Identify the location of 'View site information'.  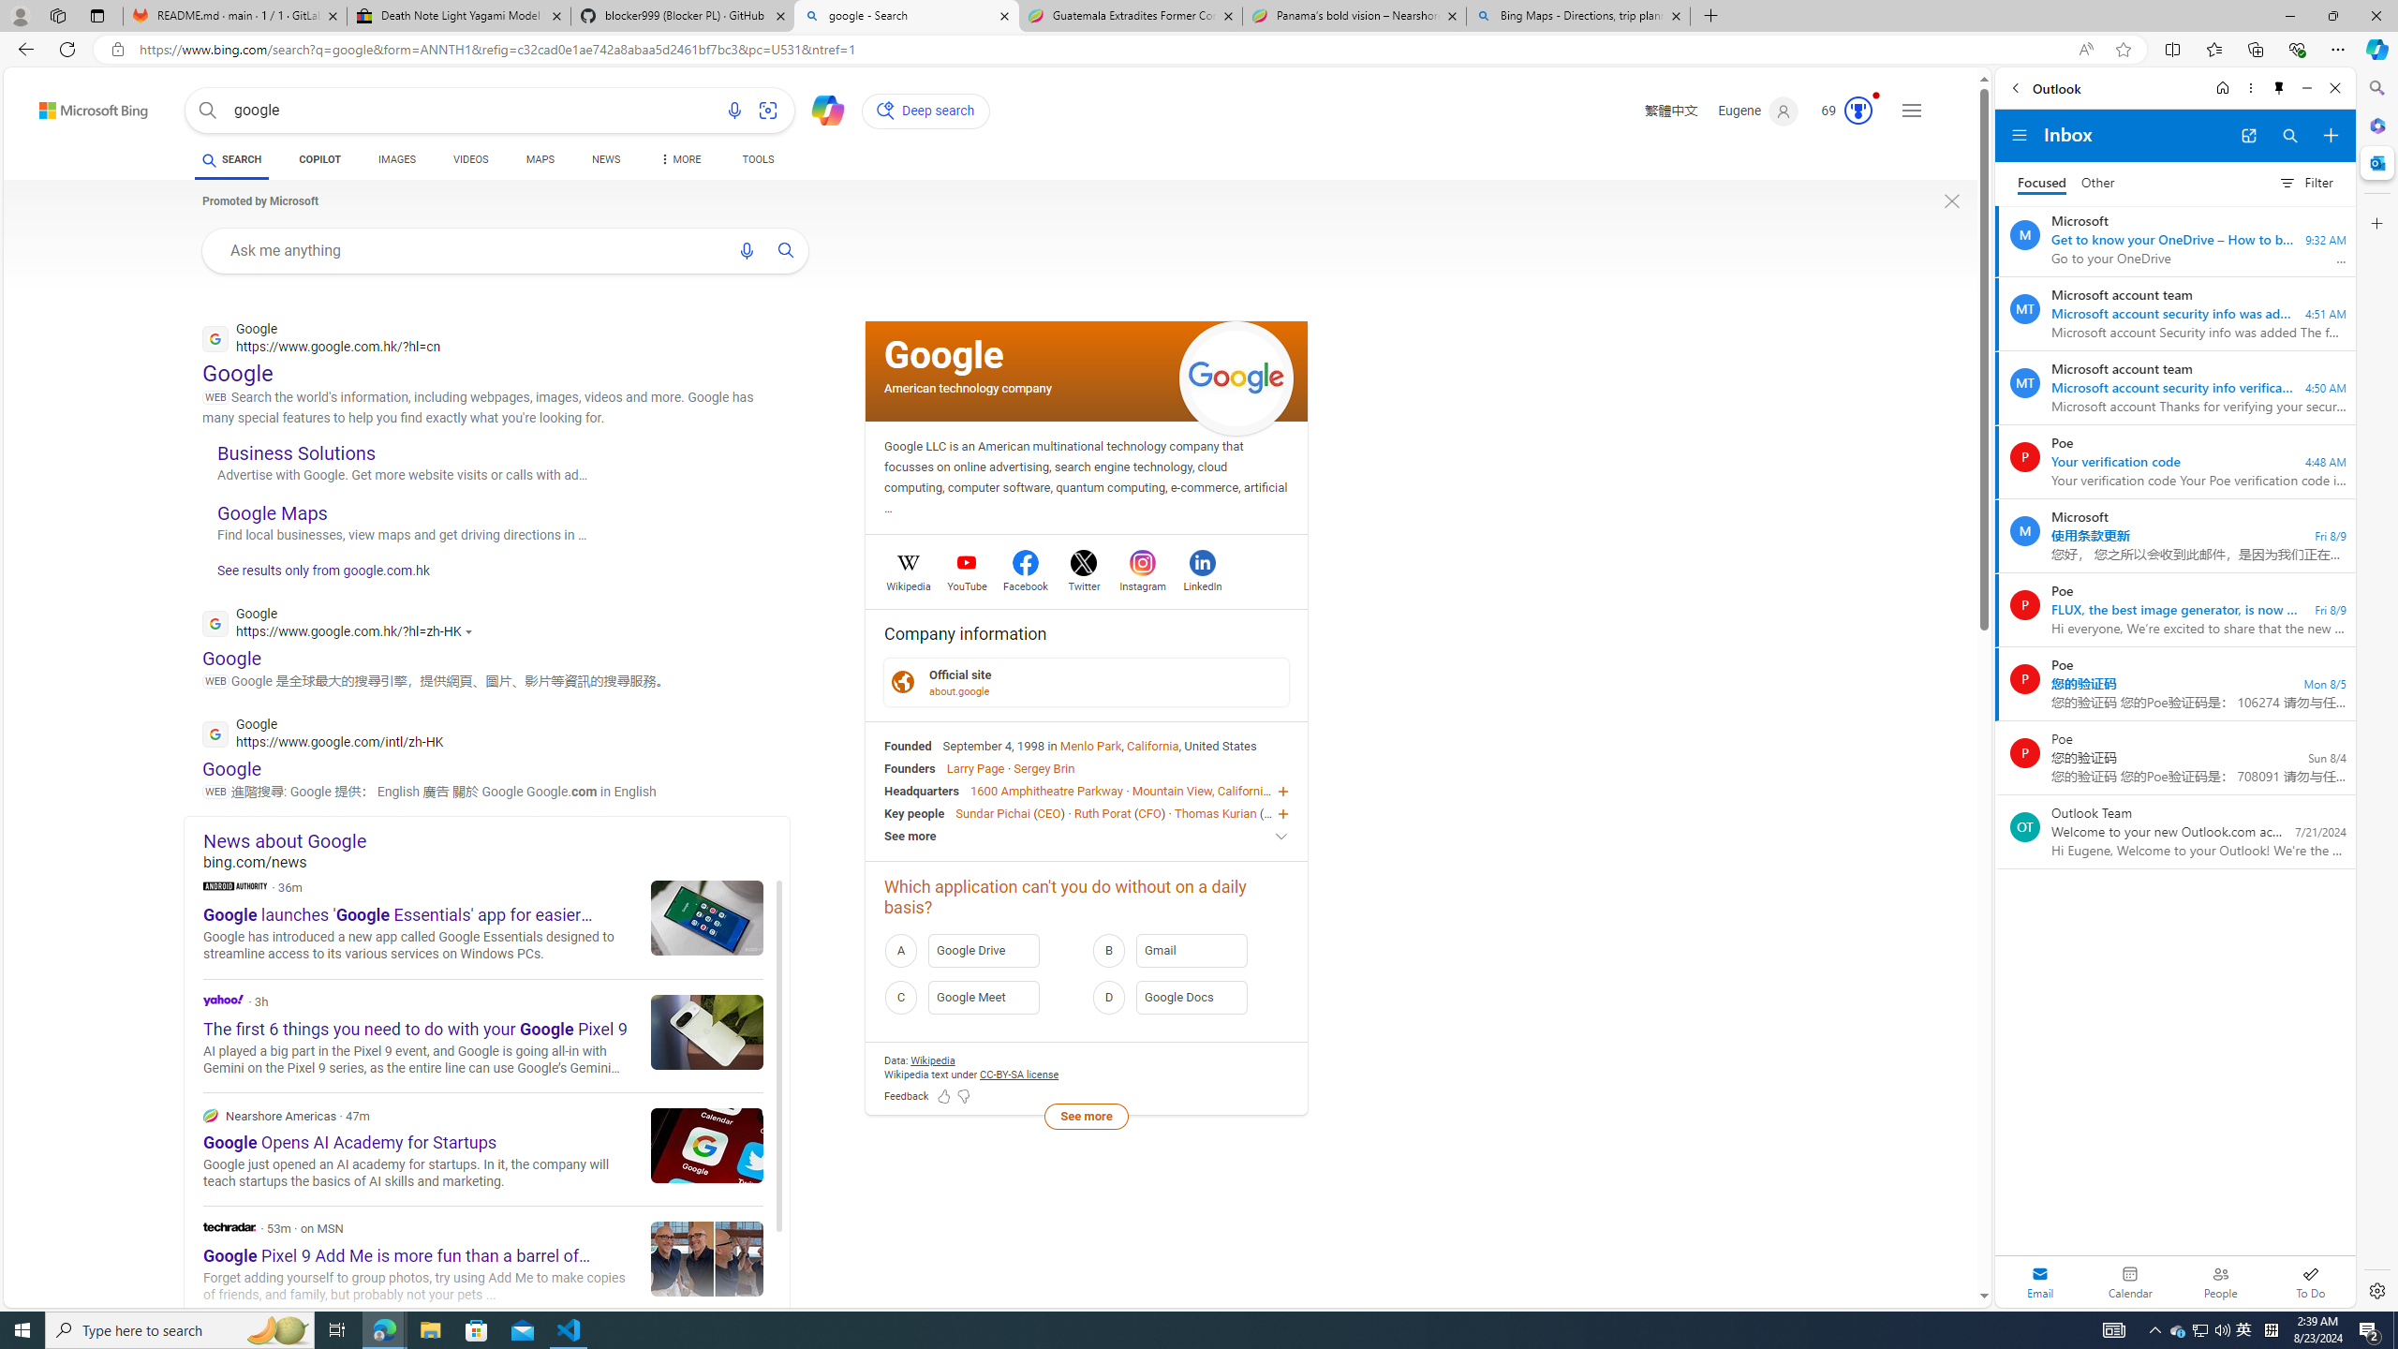
(117, 50).